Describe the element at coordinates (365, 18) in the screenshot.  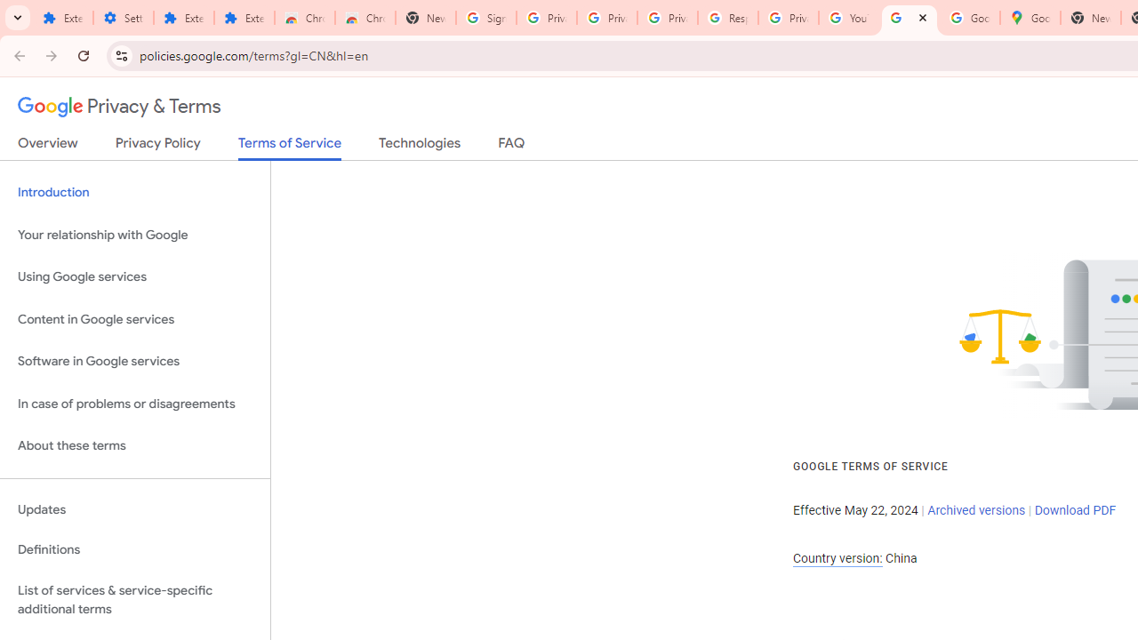
I see `'Chrome Web Store - Themes'` at that location.